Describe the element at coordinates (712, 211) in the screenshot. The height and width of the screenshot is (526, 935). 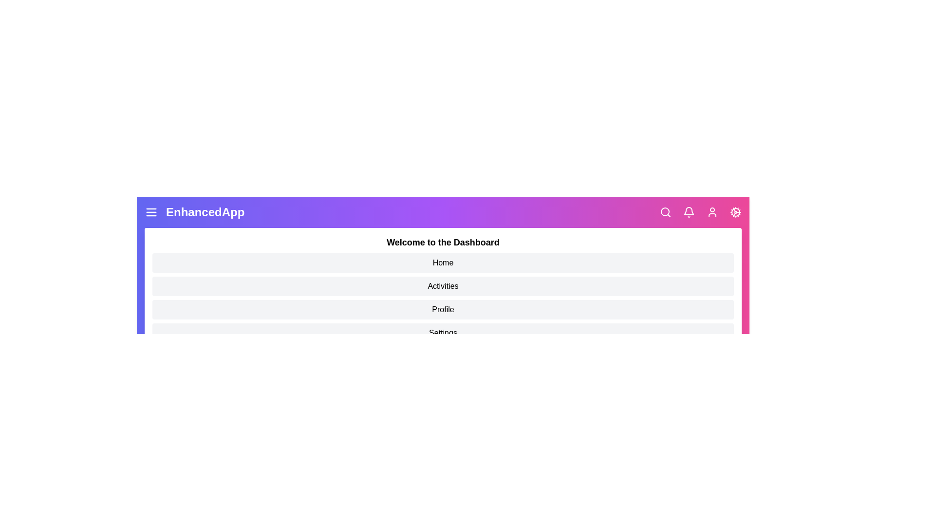
I see `the 'User' icon to open the user profile` at that location.